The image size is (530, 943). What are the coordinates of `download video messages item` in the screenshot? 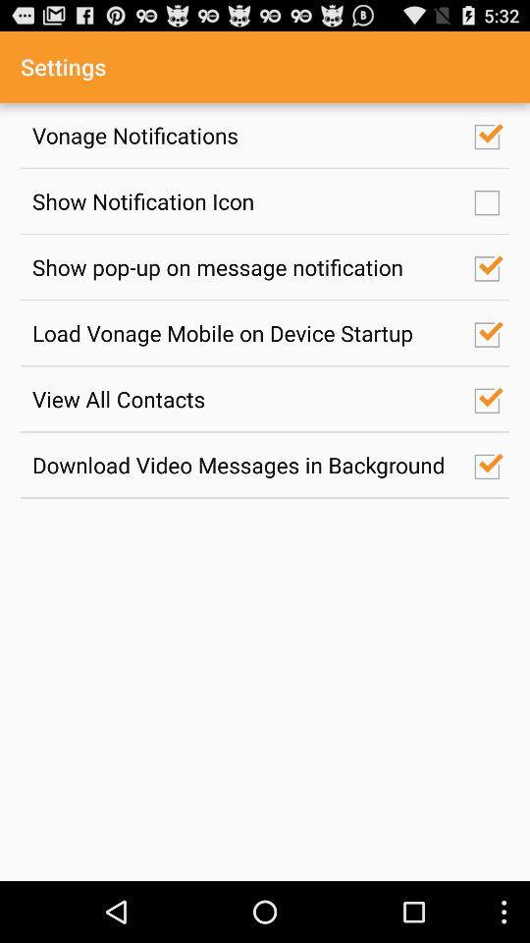 It's located at (242, 465).